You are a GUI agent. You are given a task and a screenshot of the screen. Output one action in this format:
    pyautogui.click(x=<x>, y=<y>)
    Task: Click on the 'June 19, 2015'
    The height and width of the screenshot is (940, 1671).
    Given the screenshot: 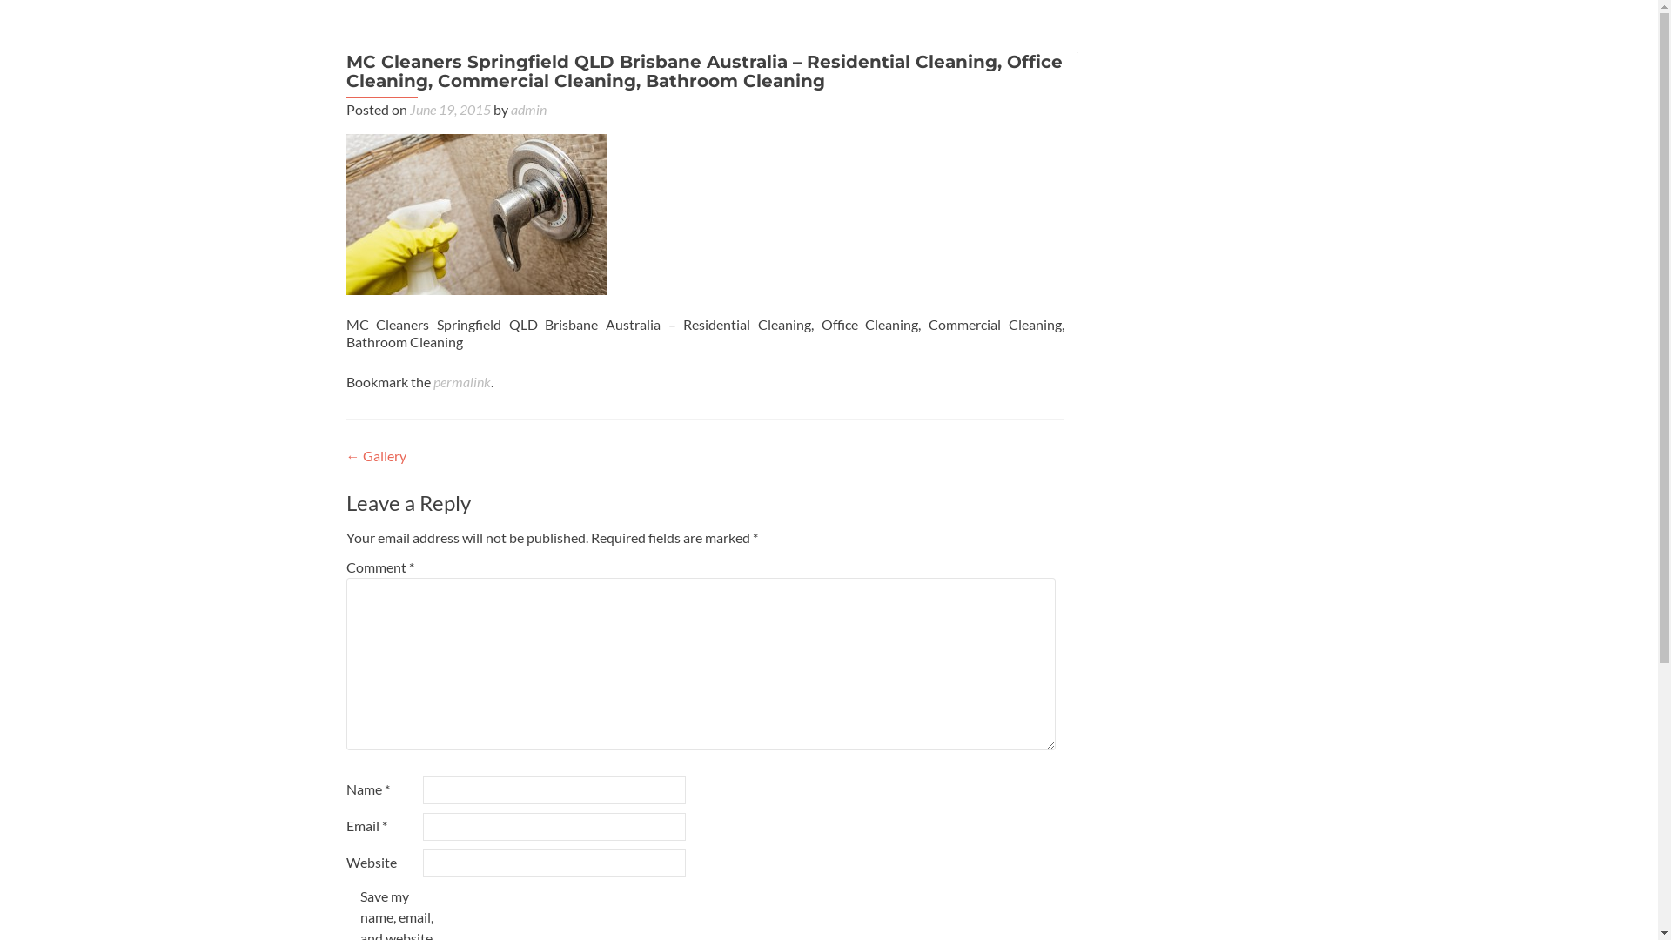 What is the action you would take?
    pyautogui.click(x=408, y=109)
    